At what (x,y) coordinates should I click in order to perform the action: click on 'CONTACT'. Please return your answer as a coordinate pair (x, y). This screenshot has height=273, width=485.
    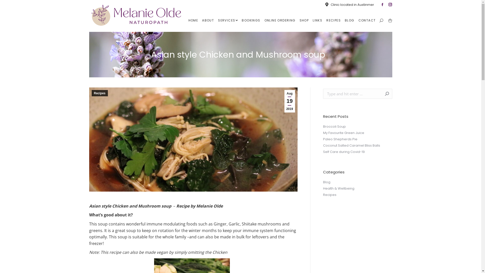
    Looking at the image, I should click on (367, 20).